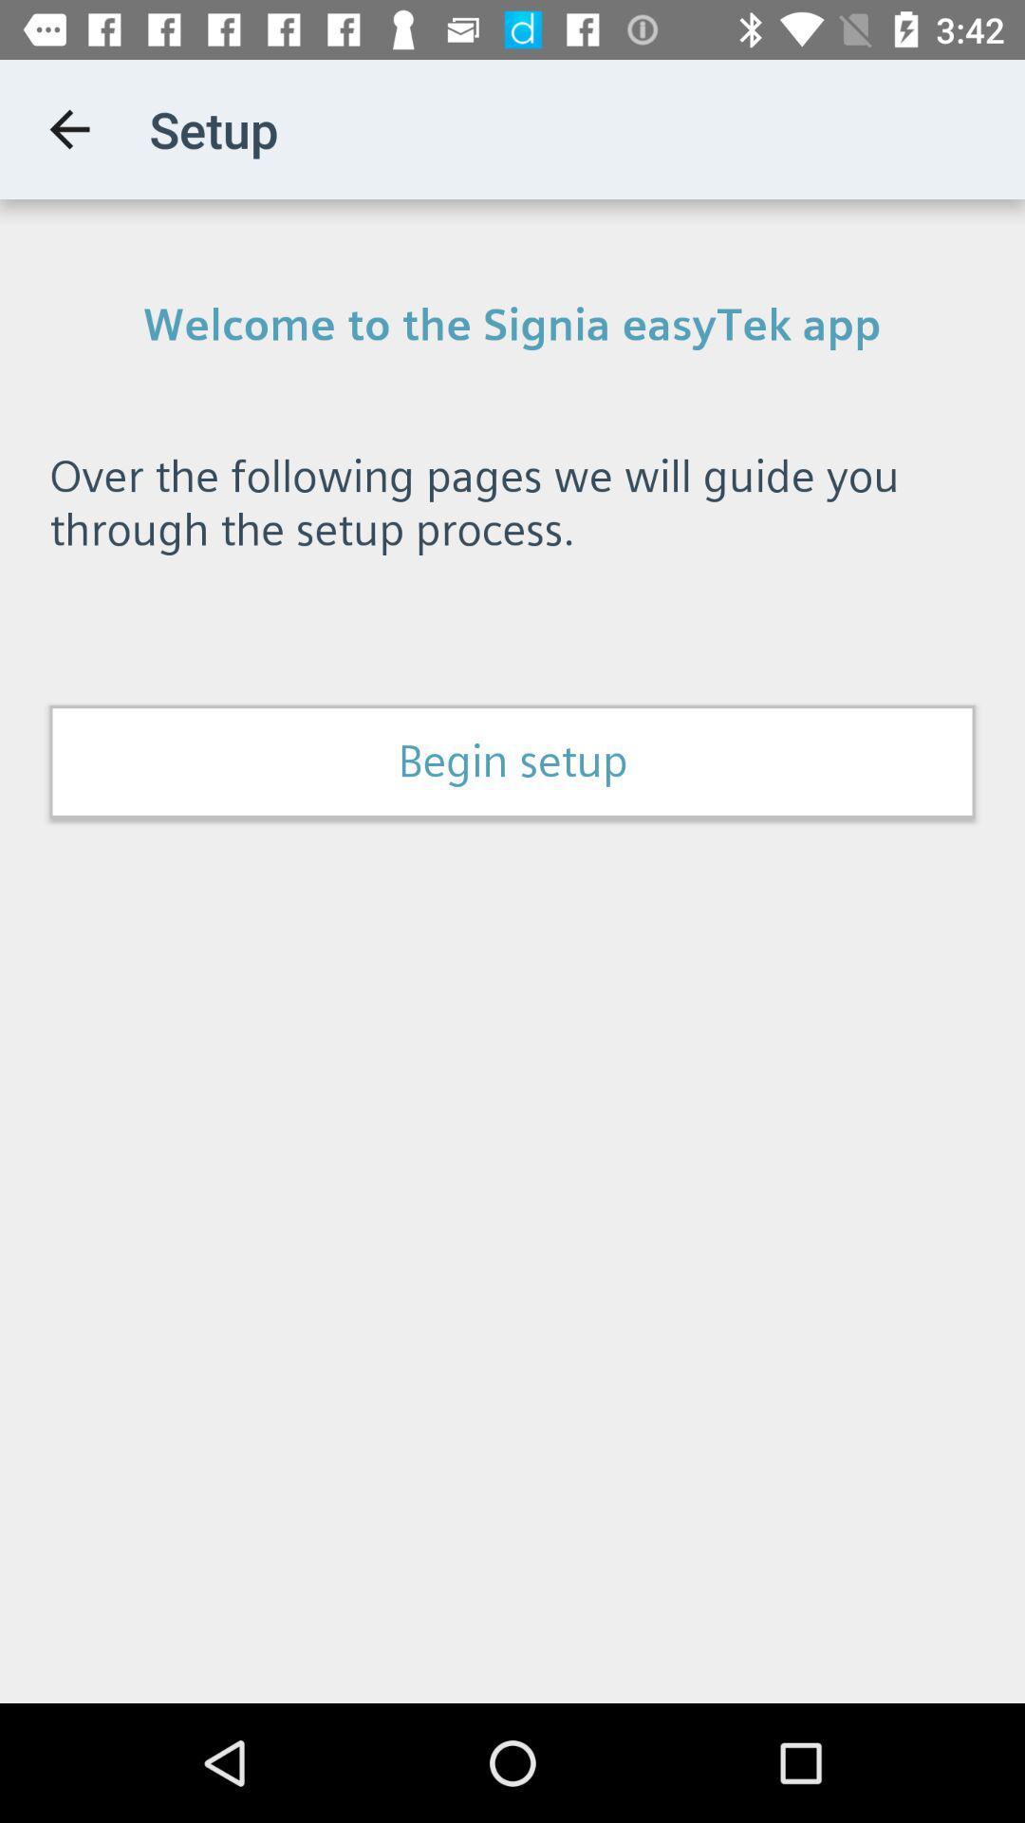  What do you see at coordinates (512, 761) in the screenshot?
I see `the begin setup item` at bounding box center [512, 761].